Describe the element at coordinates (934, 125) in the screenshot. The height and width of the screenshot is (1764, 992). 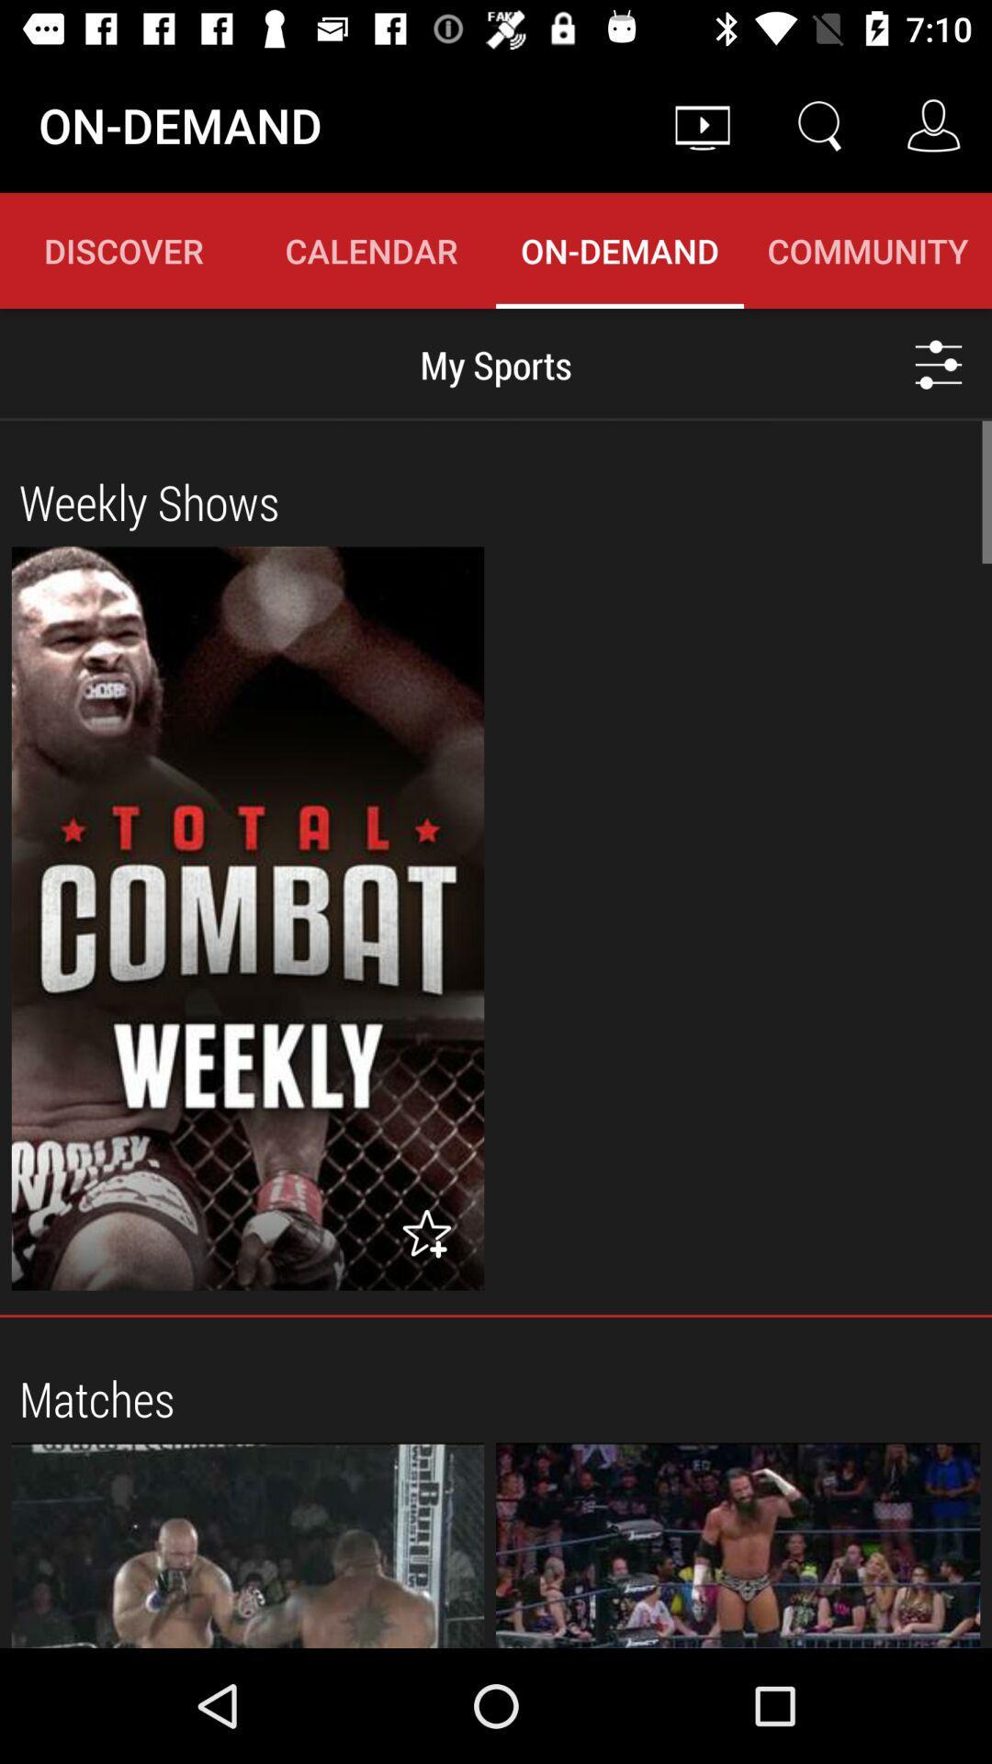
I see `the icon right to search icon` at that location.